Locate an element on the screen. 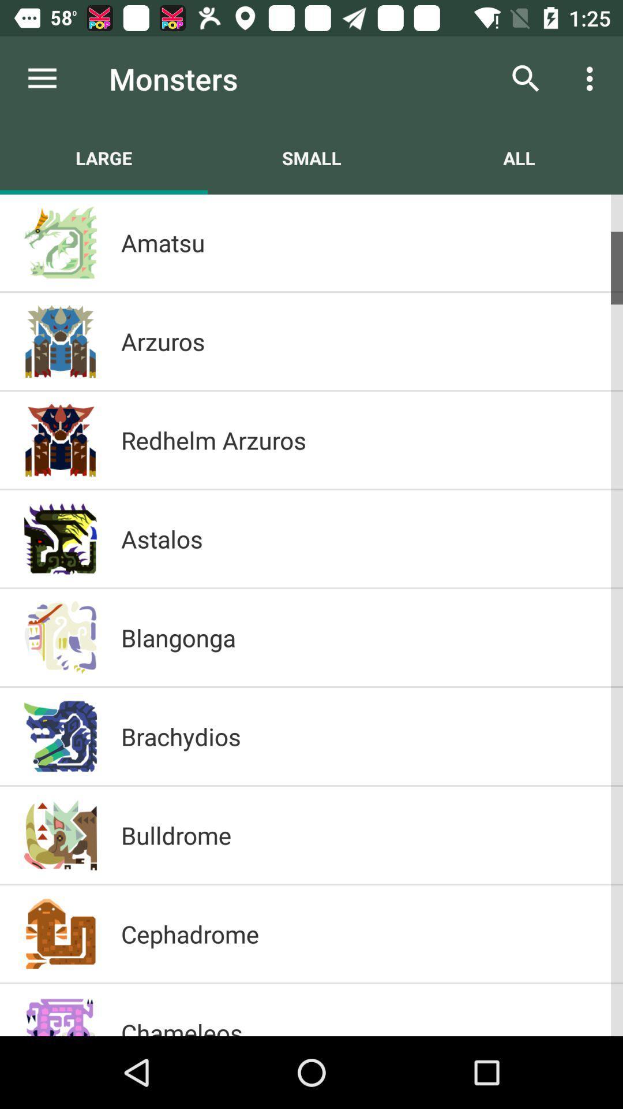  item below the redhelm arzuros item is located at coordinates (359, 538).